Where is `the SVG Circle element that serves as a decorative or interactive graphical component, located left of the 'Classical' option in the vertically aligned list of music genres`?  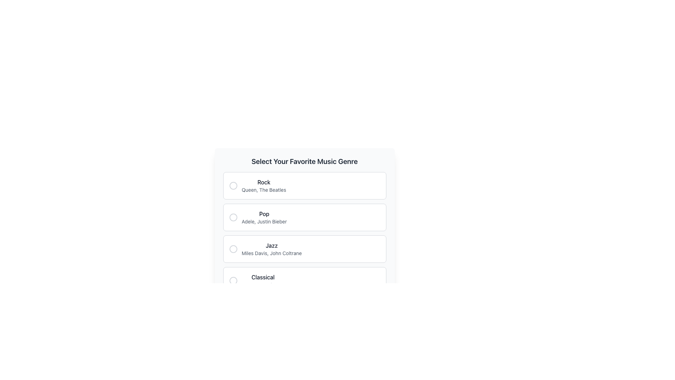 the SVG Circle element that serves as a decorative or interactive graphical component, located left of the 'Classical' option in the vertically aligned list of music genres is located at coordinates (233, 280).